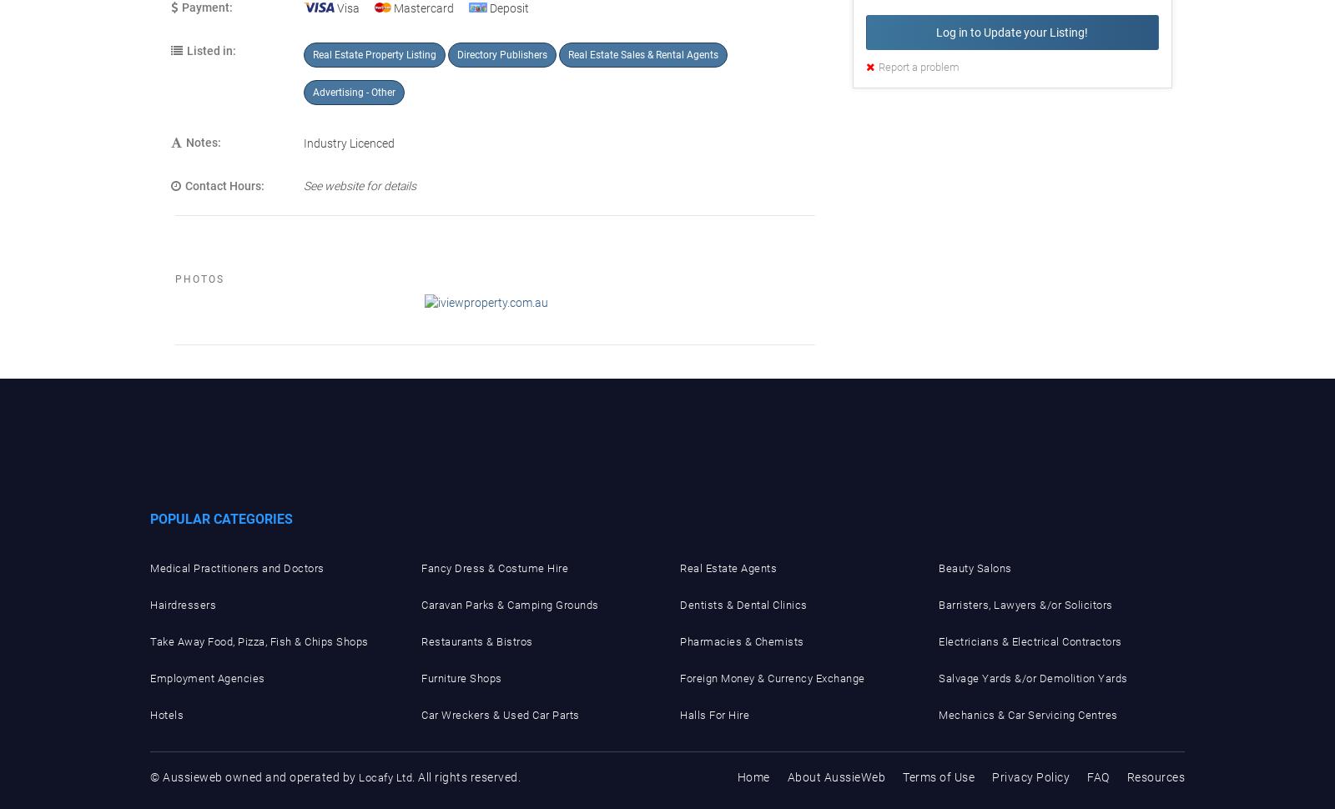  What do you see at coordinates (359, 186) in the screenshot?
I see `'See website for details'` at bounding box center [359, 186].